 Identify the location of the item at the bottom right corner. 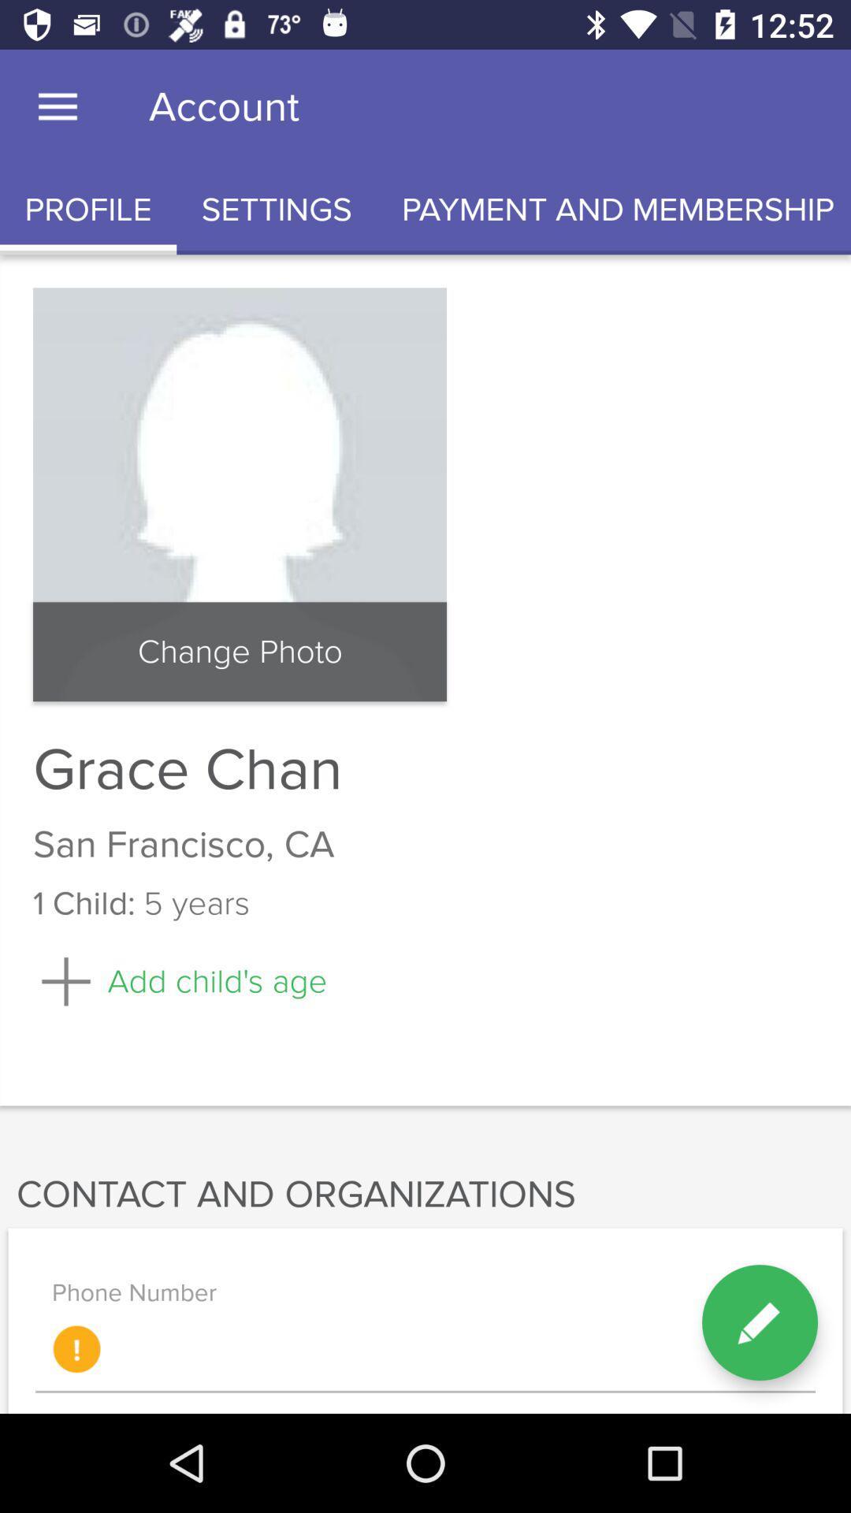
(759, 1322).